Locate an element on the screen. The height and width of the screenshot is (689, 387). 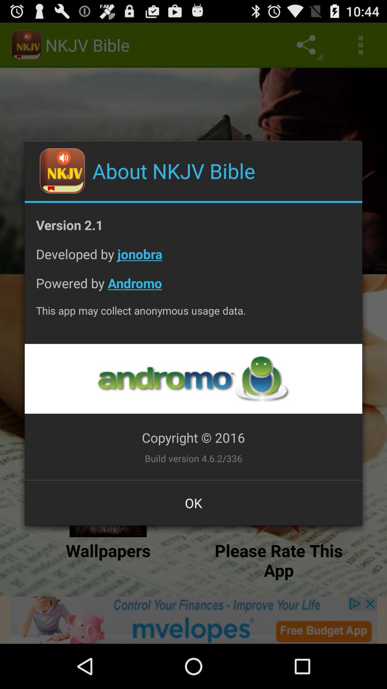
the developed by jonobra app is located at coordinates (193, 259).